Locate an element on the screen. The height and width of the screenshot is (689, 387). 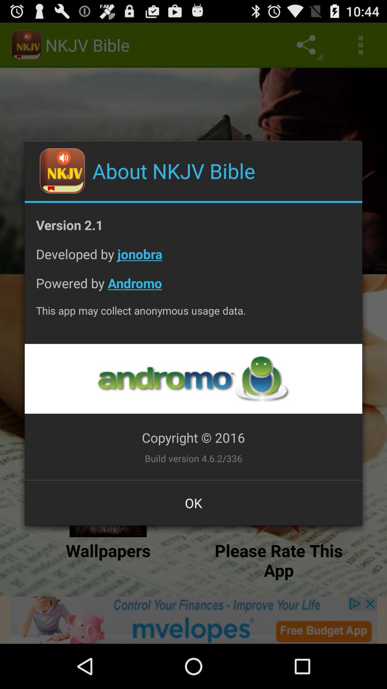
the developed by jonobra app is located at coordinates (193, 259).